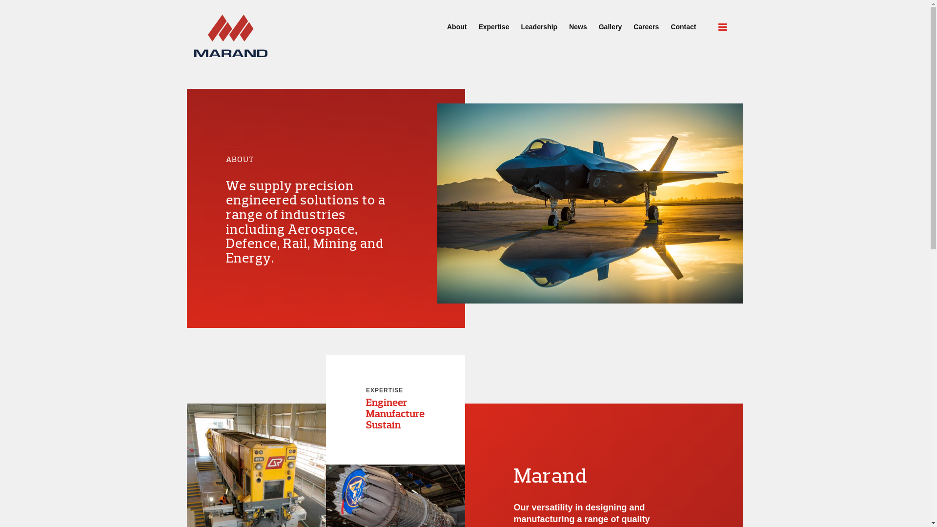 The image size is (937, 527). What do you see at coordinates (493, 22) in the screenshot?
I see `'Expertise'` at bounding box center [493, 22].